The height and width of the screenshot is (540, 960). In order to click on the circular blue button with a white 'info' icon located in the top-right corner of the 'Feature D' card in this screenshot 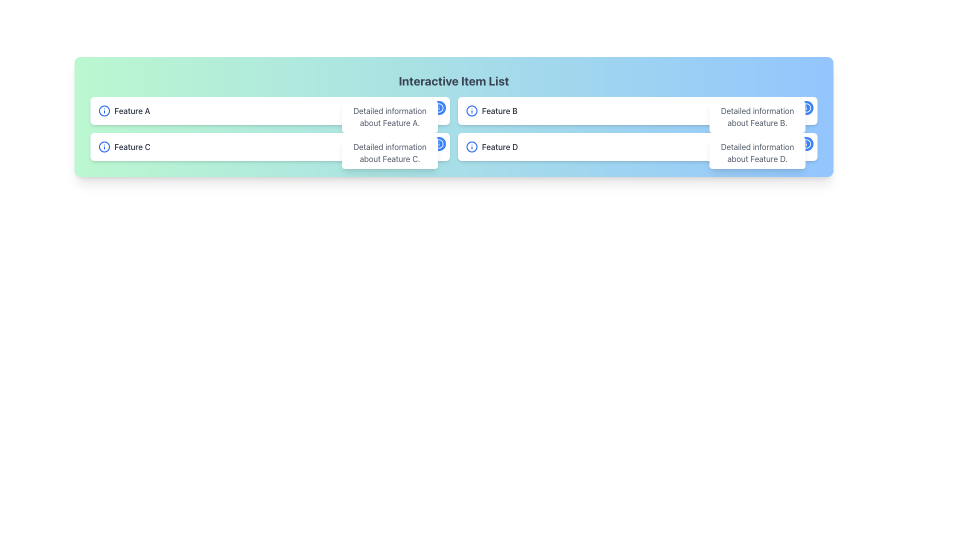, I will do `click(806, 144)`.